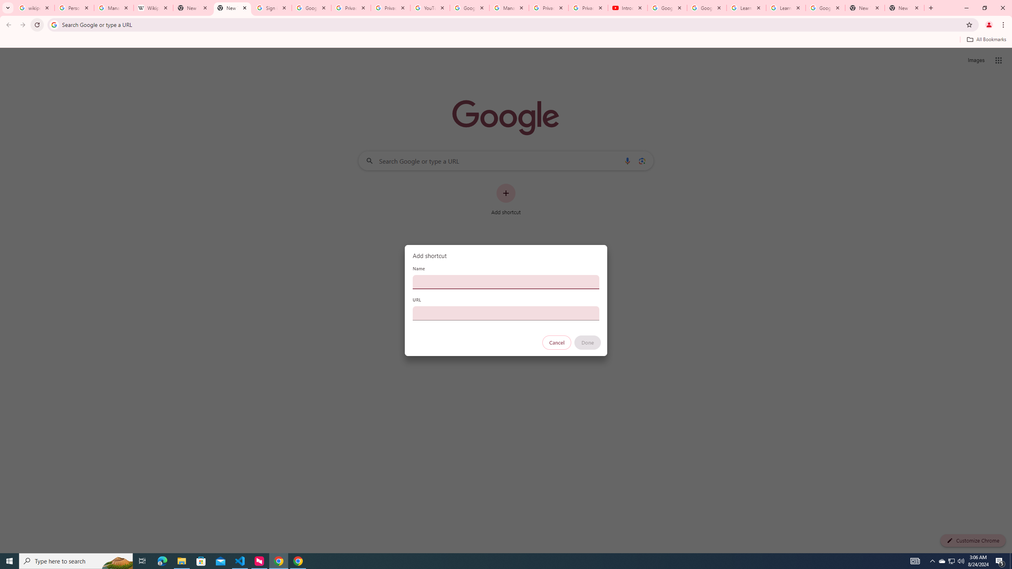 The height and width of the screenshot is (569, 1012). I want to click on 'Sign in - Google Accounts', so click(272, 8).